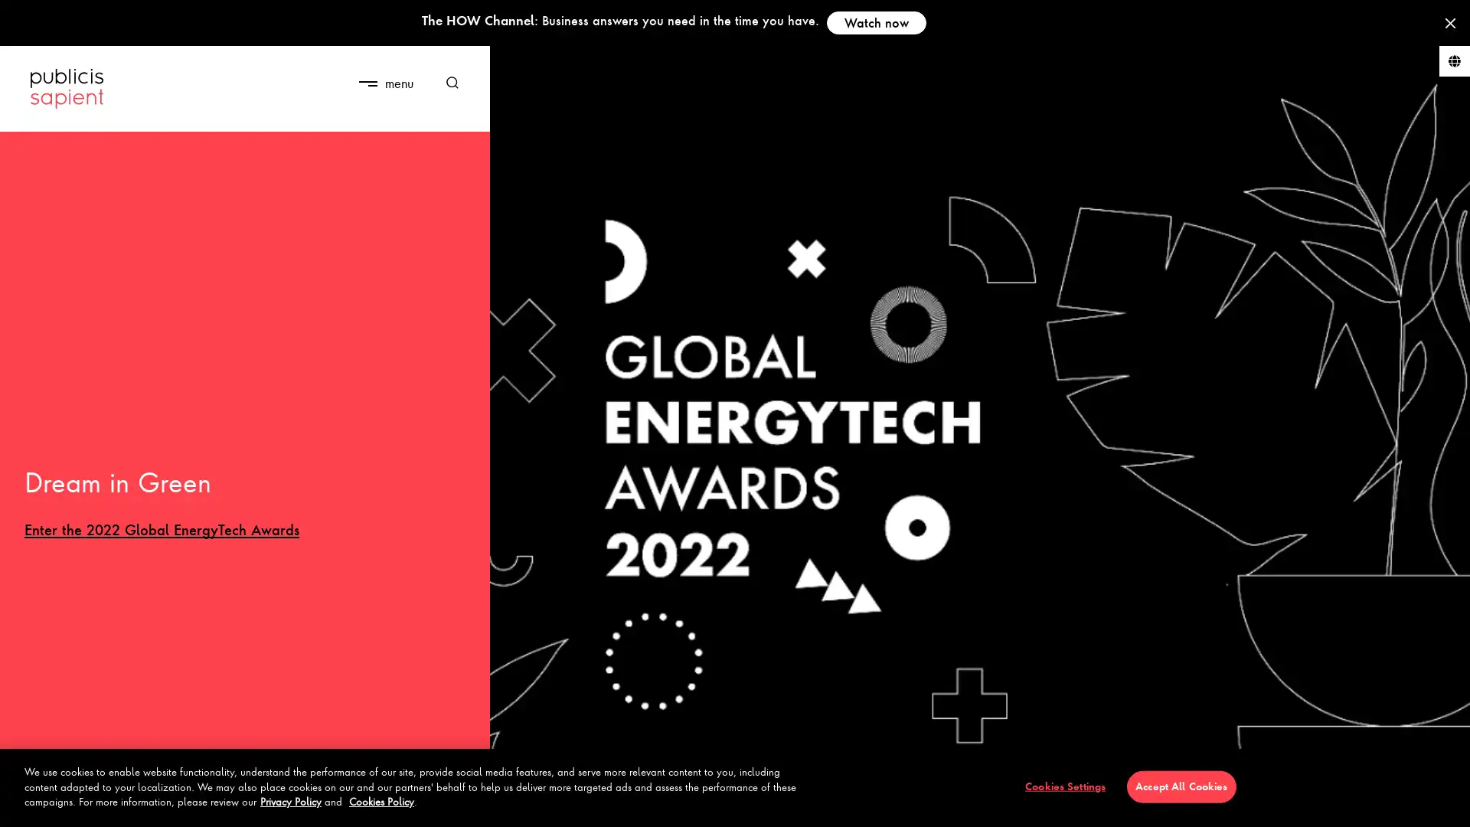 The width and height of the screenshot is (1470, 827). I want to click on Display Slide 8, so click(200, 806).